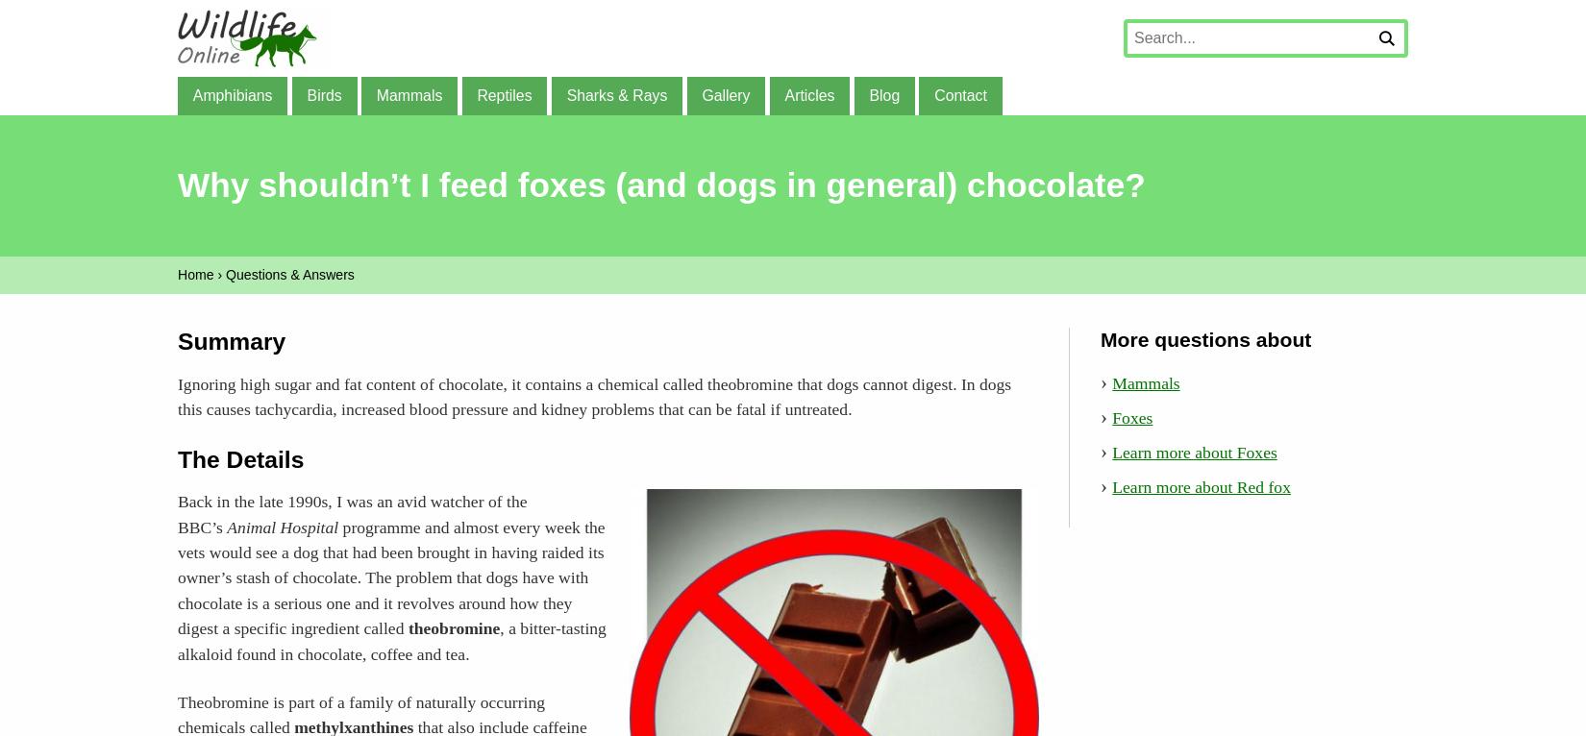 This screenshot has height=736, width=1586. I want to click on 'Contact', so click(960, 93).